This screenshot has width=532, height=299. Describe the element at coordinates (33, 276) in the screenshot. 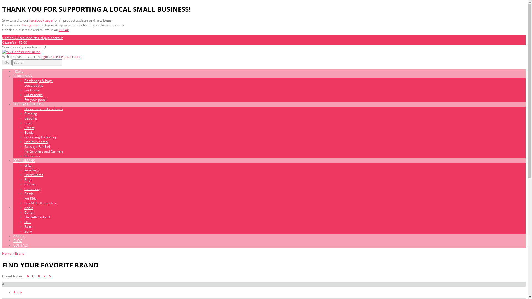

I see `'C'` at that location.